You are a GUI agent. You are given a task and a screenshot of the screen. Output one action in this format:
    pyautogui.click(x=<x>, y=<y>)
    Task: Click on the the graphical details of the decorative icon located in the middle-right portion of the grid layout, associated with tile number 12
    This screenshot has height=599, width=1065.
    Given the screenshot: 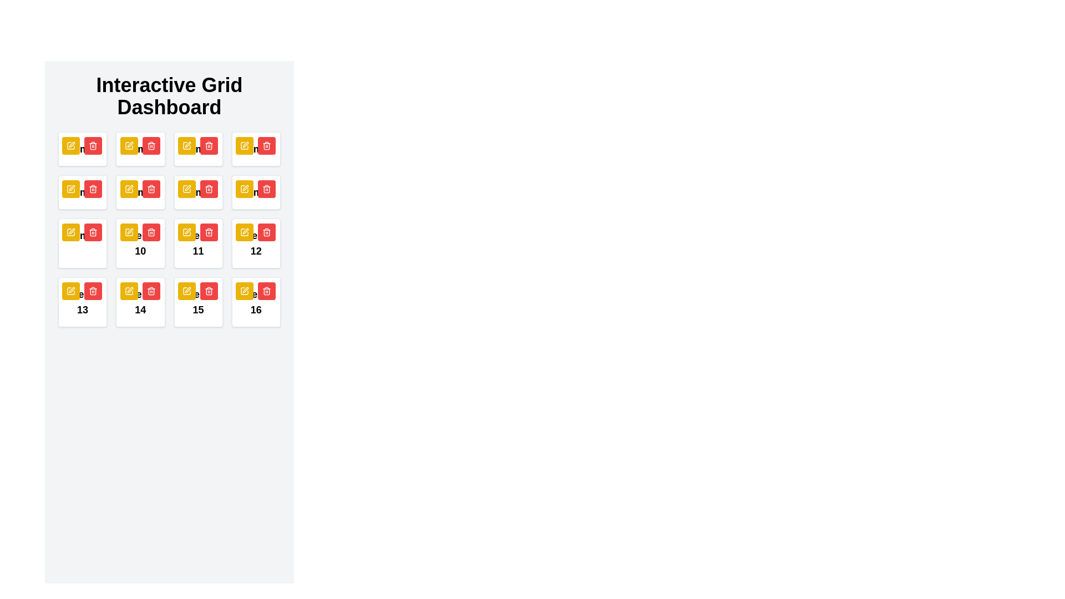 What is the action you would take?
    pyautogui.click(x=244, y=188)
    